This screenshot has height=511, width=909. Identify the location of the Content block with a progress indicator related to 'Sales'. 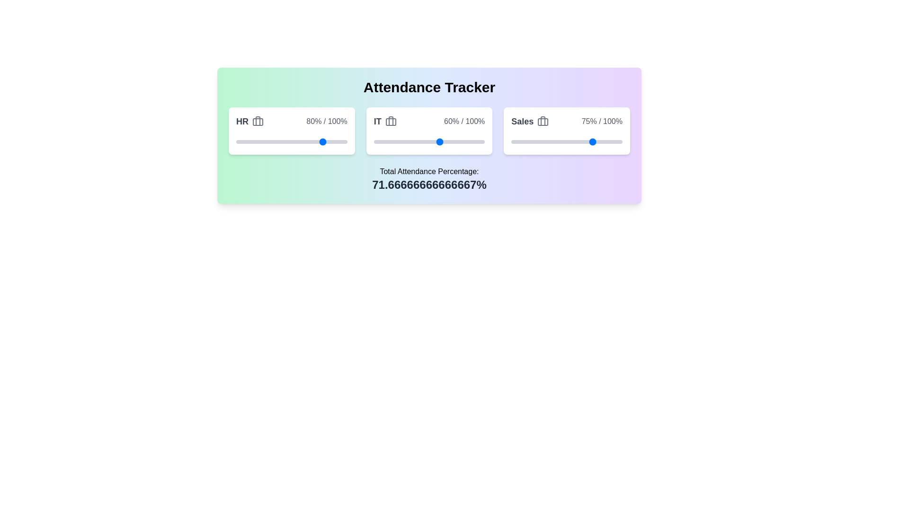
(567, 131).